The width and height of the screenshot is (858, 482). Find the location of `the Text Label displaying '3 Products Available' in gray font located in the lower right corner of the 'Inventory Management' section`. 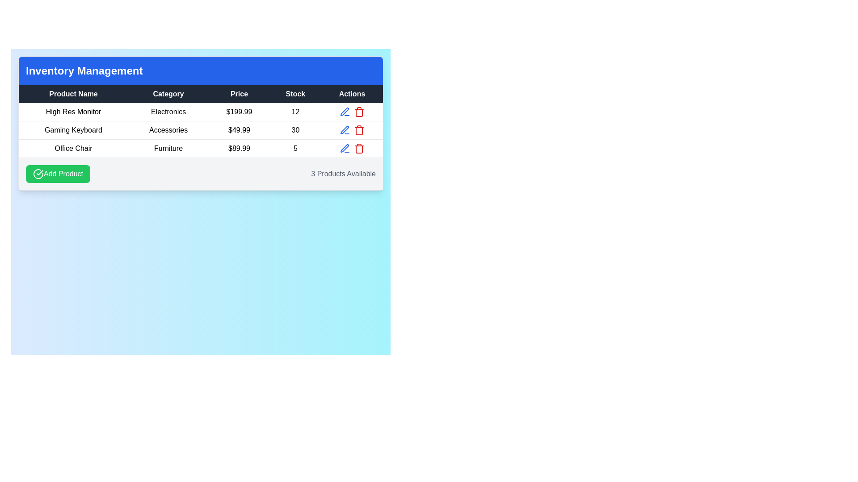

the Text Label displaying '3 Products Available' in gray font located in the lower right corner of the 'Inventory Management' section is located at coordinates (343, 174).